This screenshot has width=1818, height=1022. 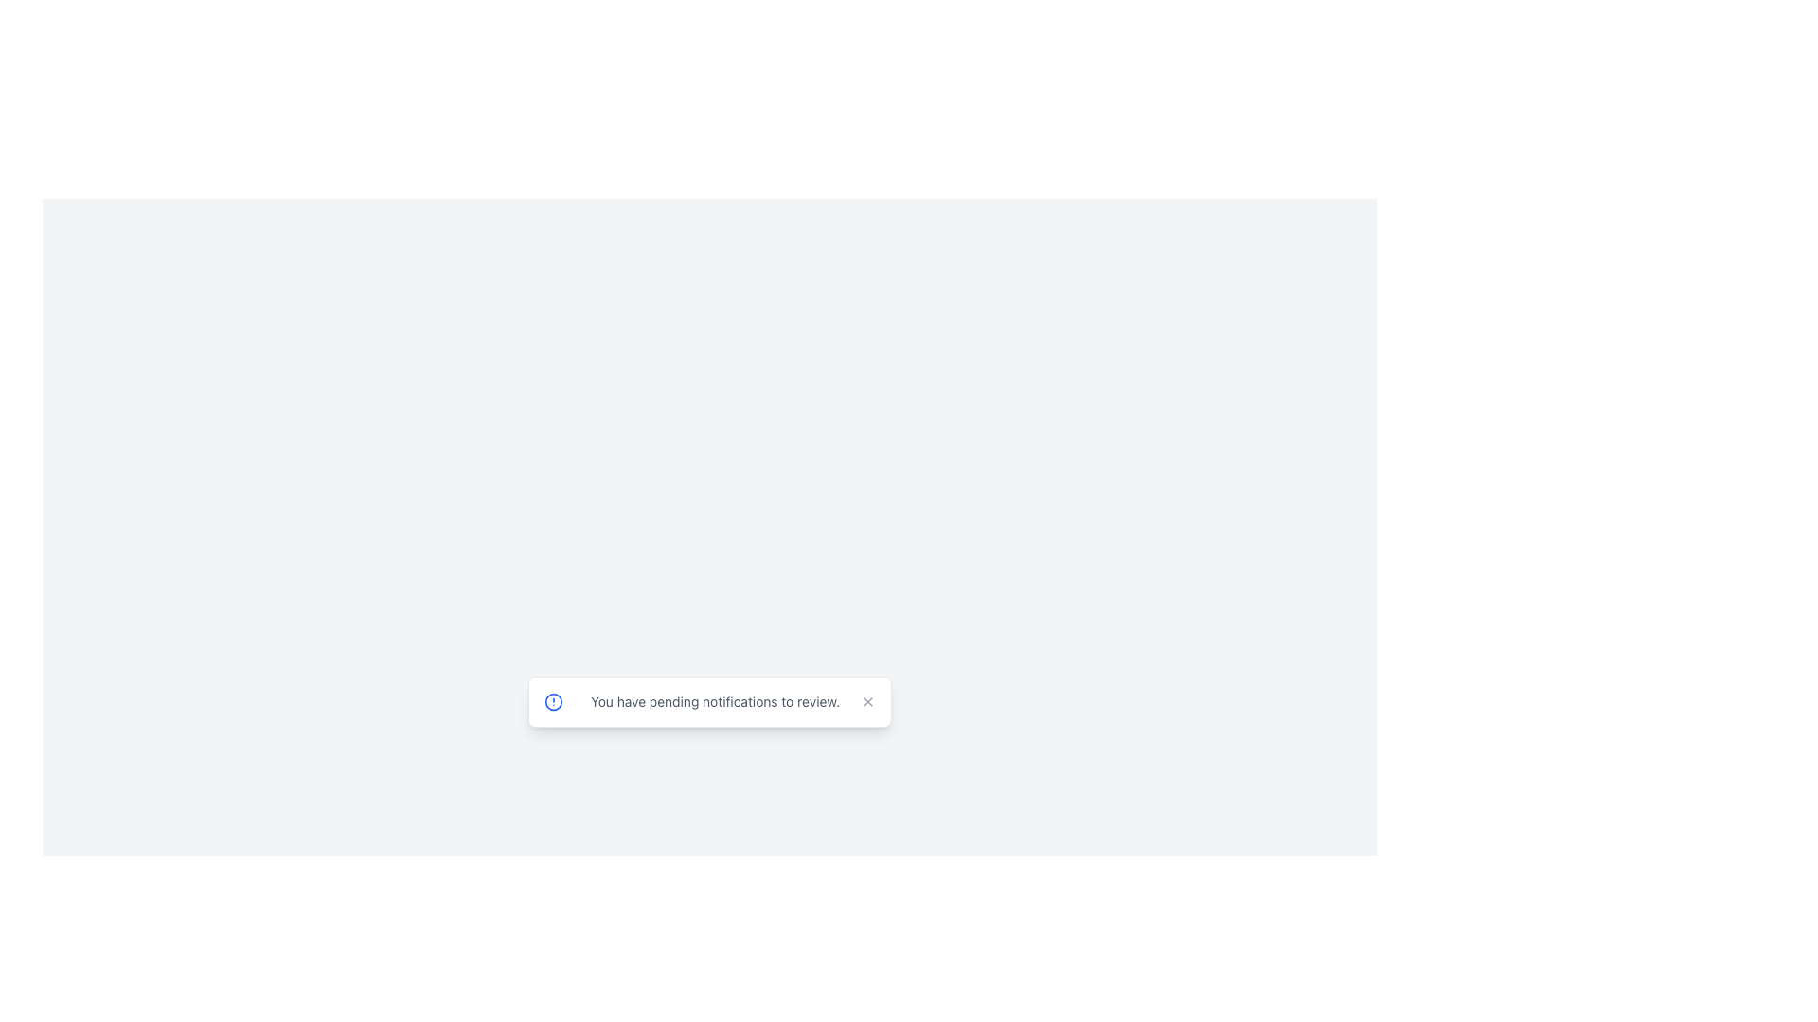 What do you see at coordinates (708, 701) in the screenshot?
I see `the Notification Banner that displays 'You have pending notifications to review.' to potentially reveal additional information` at bounding box center [708, 701].